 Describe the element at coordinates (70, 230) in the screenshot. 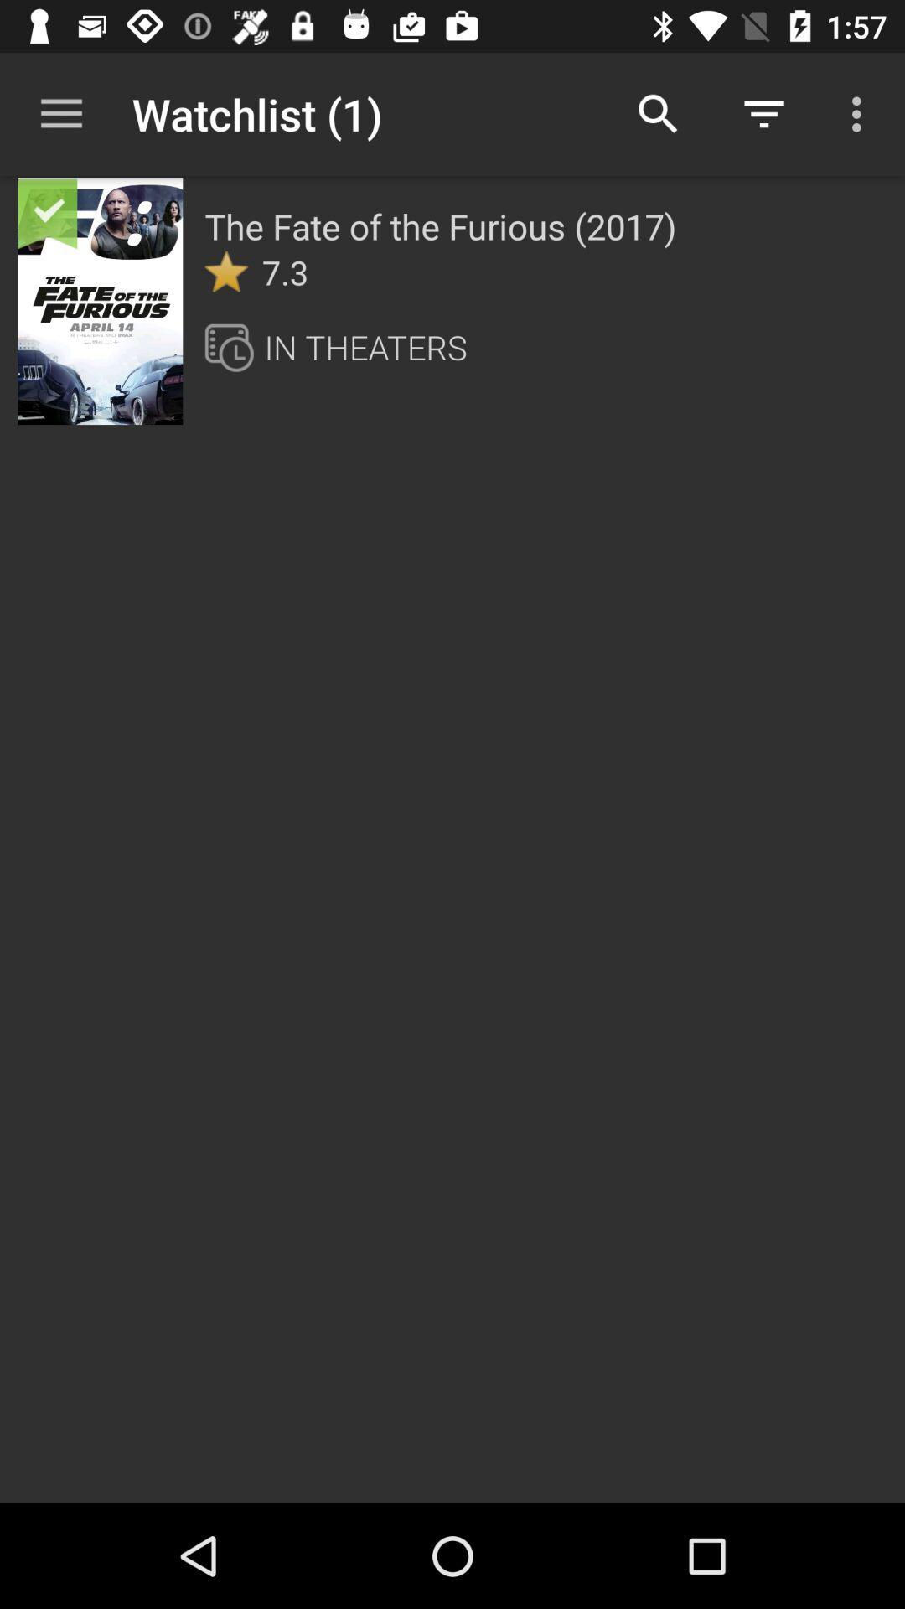

I see `the icon next to the the fate of` at that location.